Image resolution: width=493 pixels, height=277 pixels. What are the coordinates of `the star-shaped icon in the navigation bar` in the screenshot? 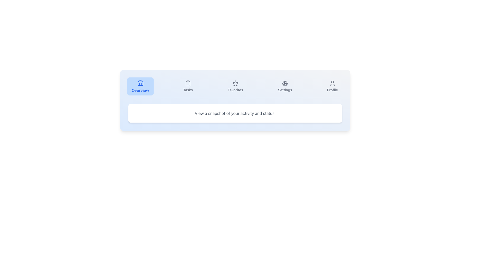 It's located at (235, 83).